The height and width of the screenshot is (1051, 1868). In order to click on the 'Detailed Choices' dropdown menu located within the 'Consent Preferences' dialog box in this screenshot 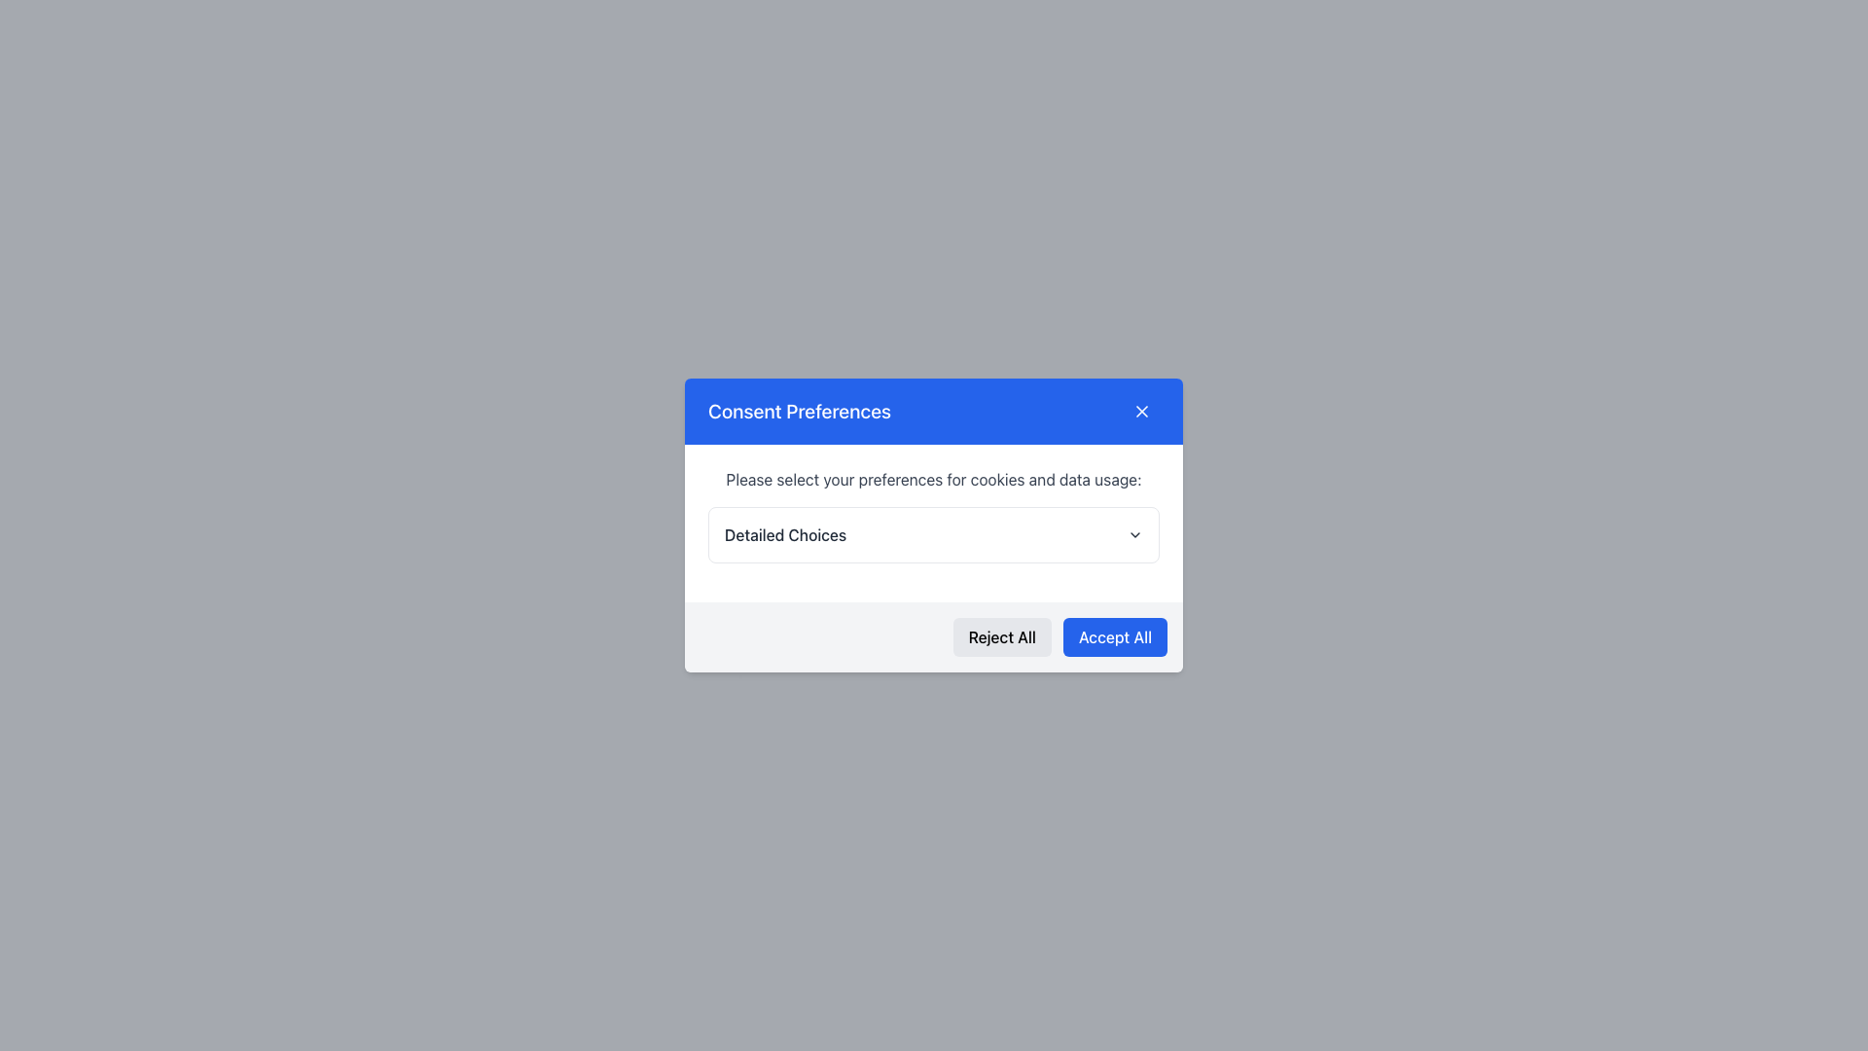, I will do `click(934, 535)`.